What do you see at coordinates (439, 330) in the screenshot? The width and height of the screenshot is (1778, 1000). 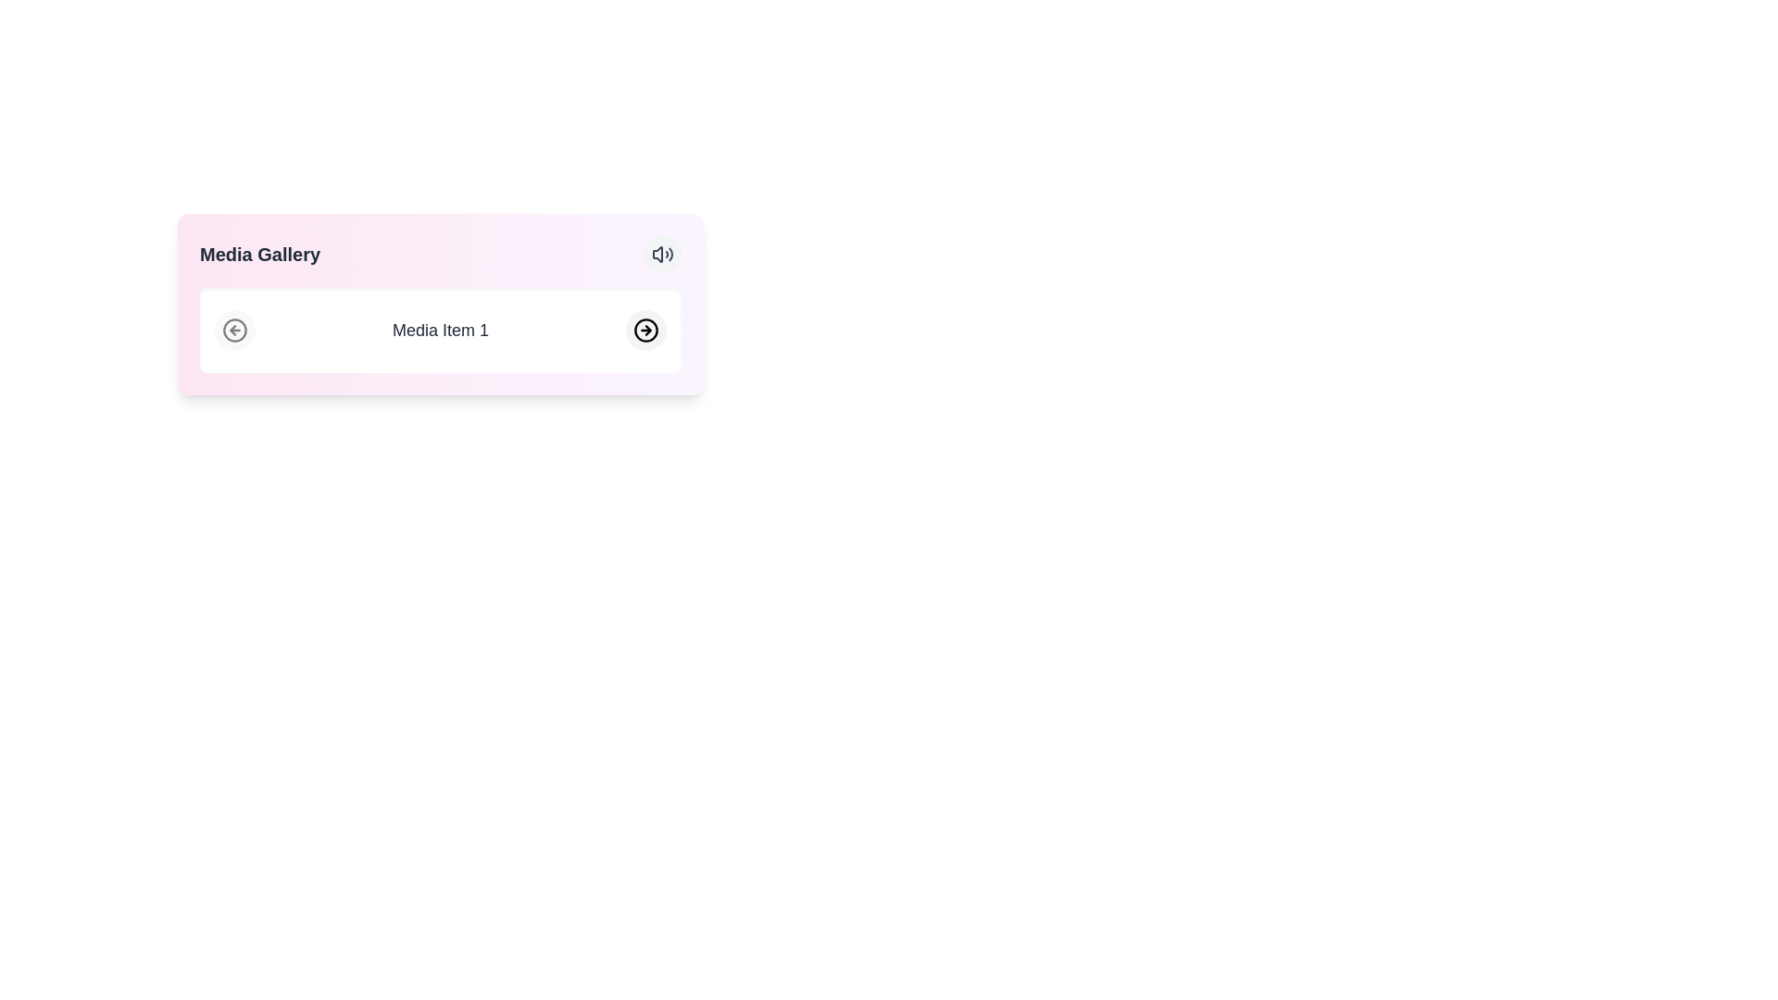 I see `the text label that identifies the currently displayed media item in the media gallery interface` at bounding box center [439, 330].